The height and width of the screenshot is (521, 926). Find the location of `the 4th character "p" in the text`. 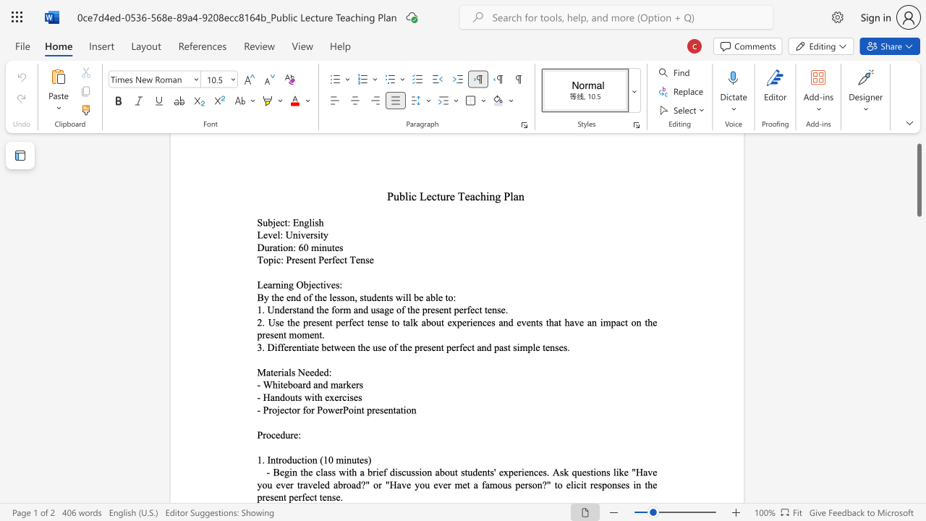

the 4th character "p" in the text is located at coordinates (260, 496).